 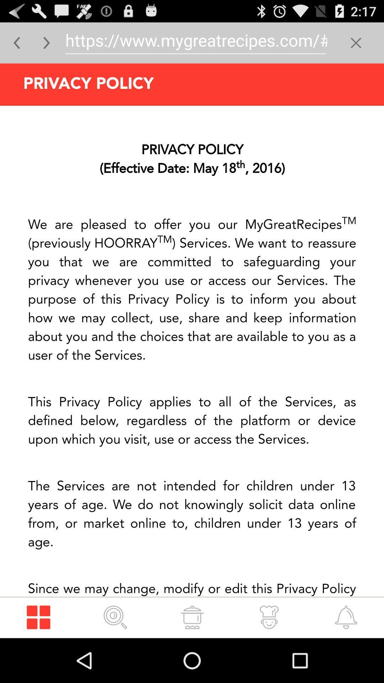 I want to click on scroll down to read privacy policy, so click(x=192, y=351).